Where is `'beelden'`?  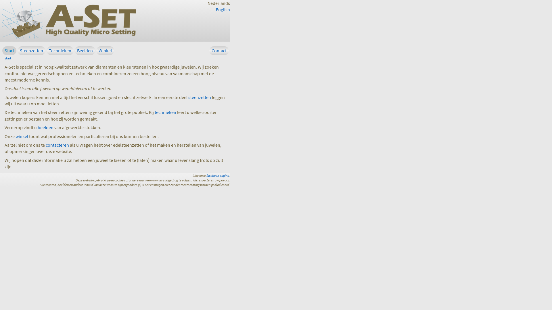
'beelden' is located at coordinates (37, 127).